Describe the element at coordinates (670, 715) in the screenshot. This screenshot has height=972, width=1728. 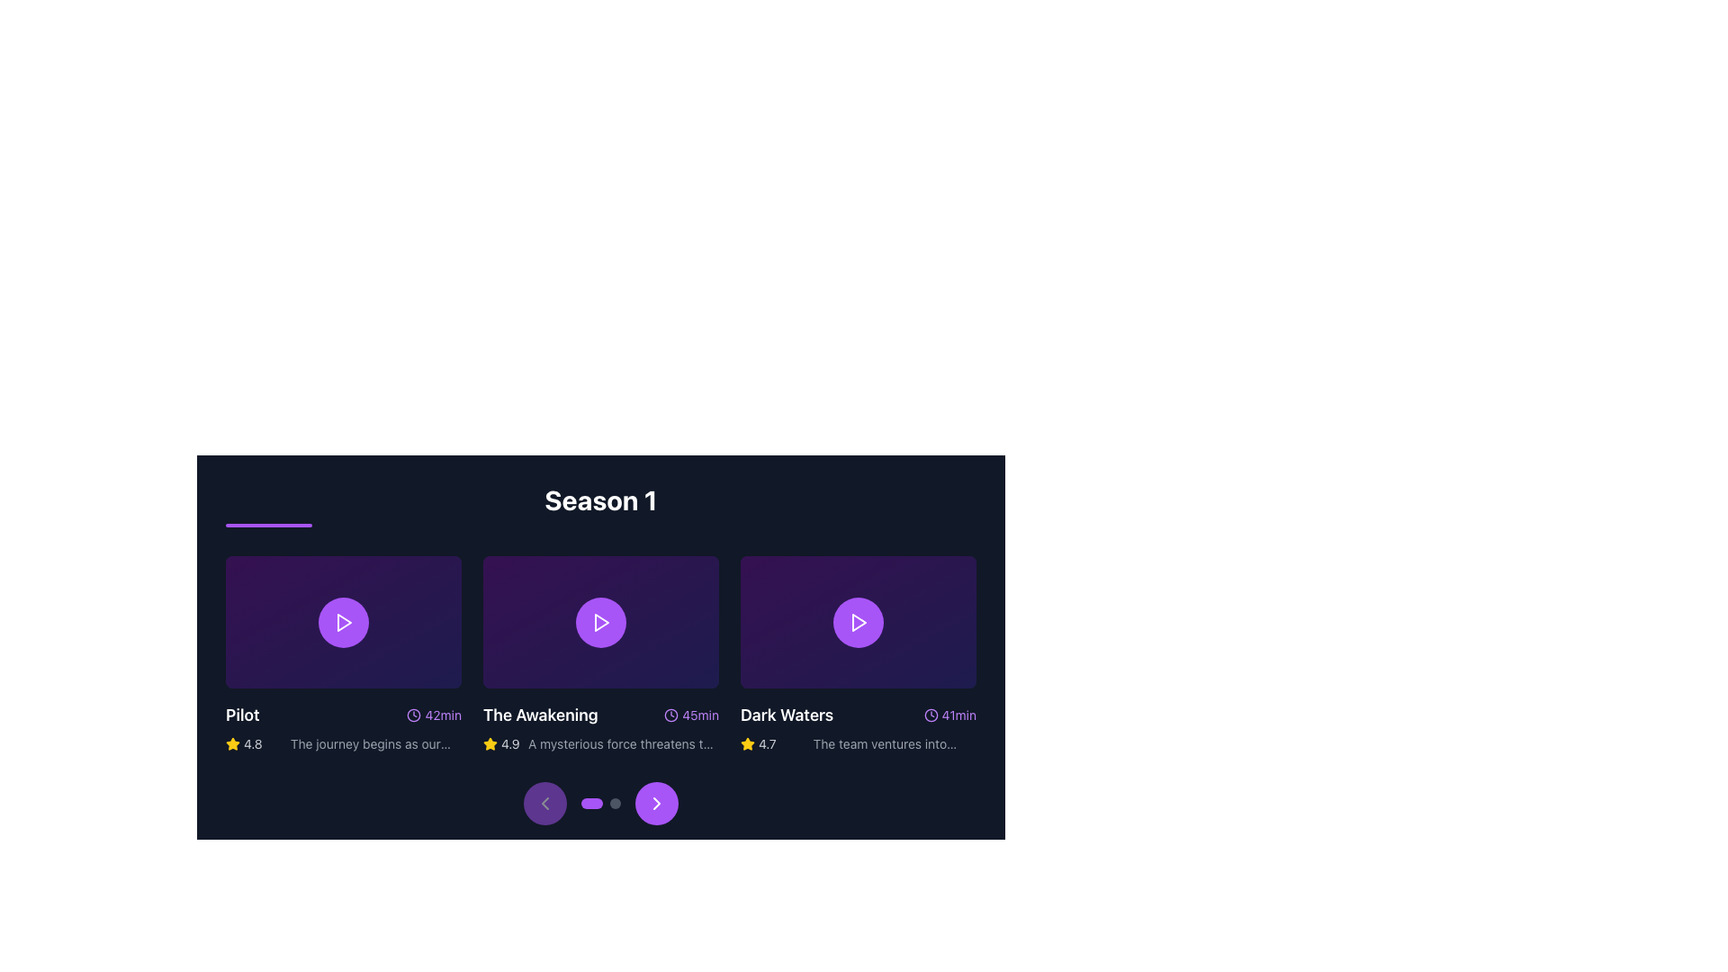
I see `the small circular clock icon, which is outlined in white against a dark background, located to the immediate left of the '45min' text label in the 'Season 1' section` at that location.